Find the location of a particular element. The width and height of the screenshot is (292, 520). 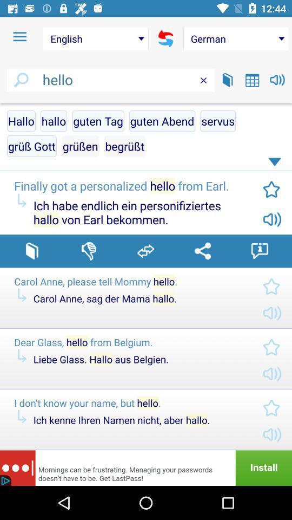

the icon above hello is located at coordinates (19, 37).